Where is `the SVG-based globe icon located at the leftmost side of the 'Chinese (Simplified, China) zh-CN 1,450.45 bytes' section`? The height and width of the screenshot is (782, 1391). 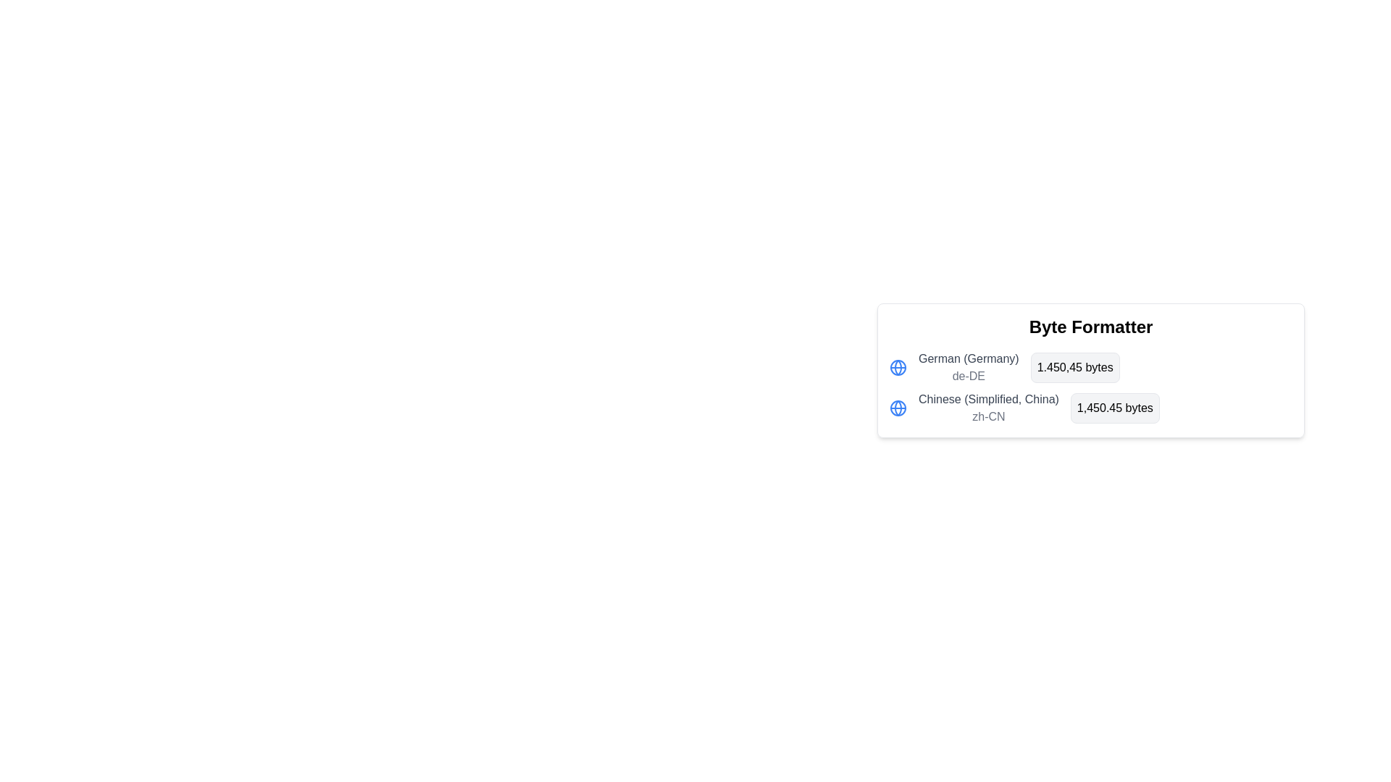 the SVG-based globe icon located at the leftmost side of the 'Chinese (Simplified, China) zh-CN 1,450.45 bytes' section is located at coordinates (897, 408).